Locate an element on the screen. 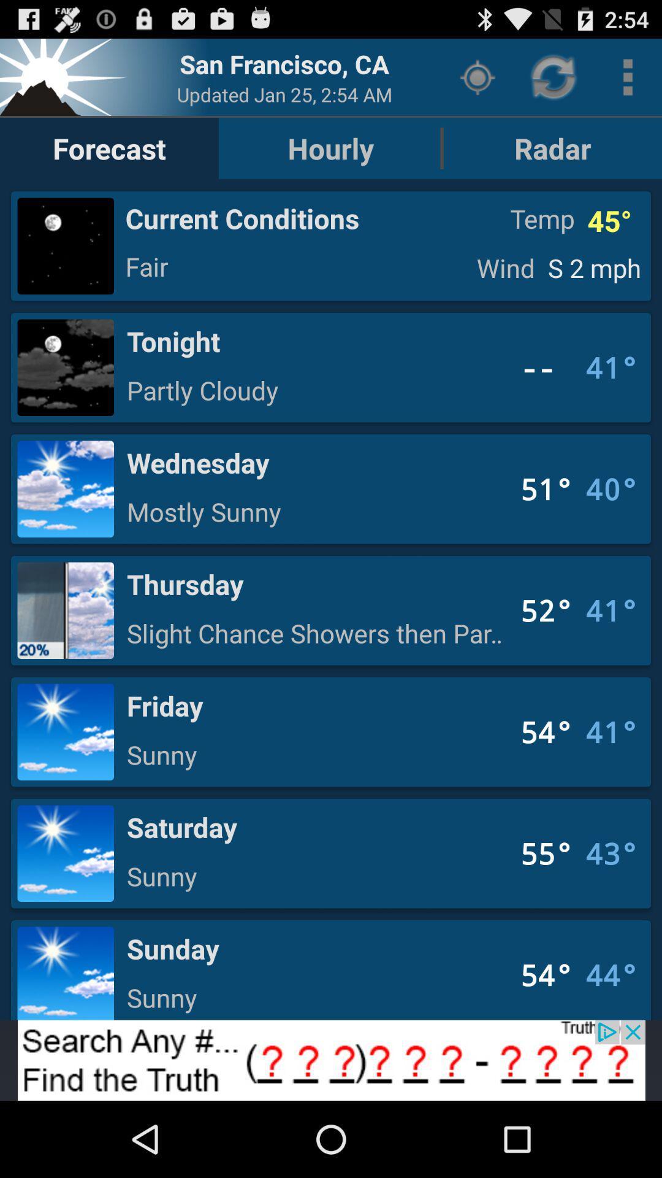 Image resolution: width=662 pixels, height=1178 pixels. the location_crosshair icon is located at coordinates (477, 82).